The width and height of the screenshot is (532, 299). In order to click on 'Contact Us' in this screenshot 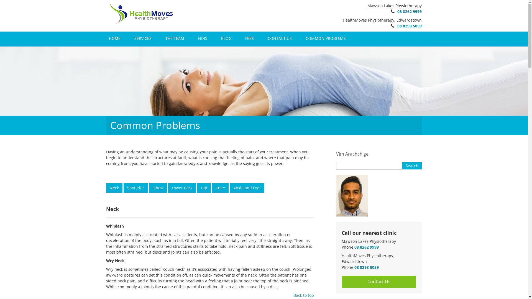, I will do `click(378, 282)`.